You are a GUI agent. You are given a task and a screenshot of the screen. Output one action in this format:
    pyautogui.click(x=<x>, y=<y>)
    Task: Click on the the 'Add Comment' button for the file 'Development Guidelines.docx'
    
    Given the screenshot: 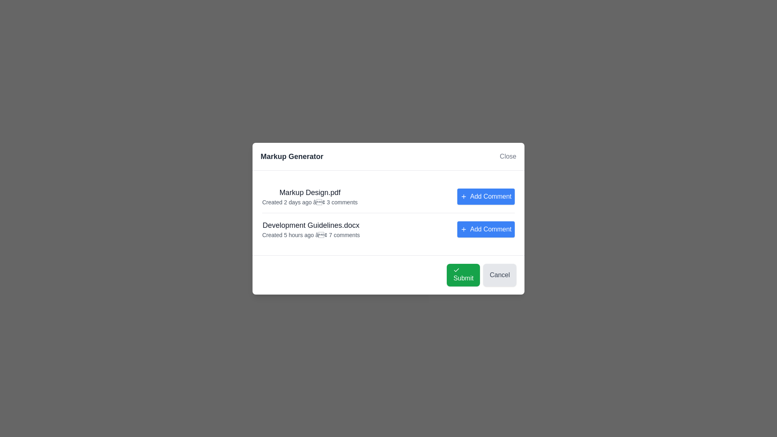 What is the action you would take?
    pyautogui.click(x=486, y=229)
    